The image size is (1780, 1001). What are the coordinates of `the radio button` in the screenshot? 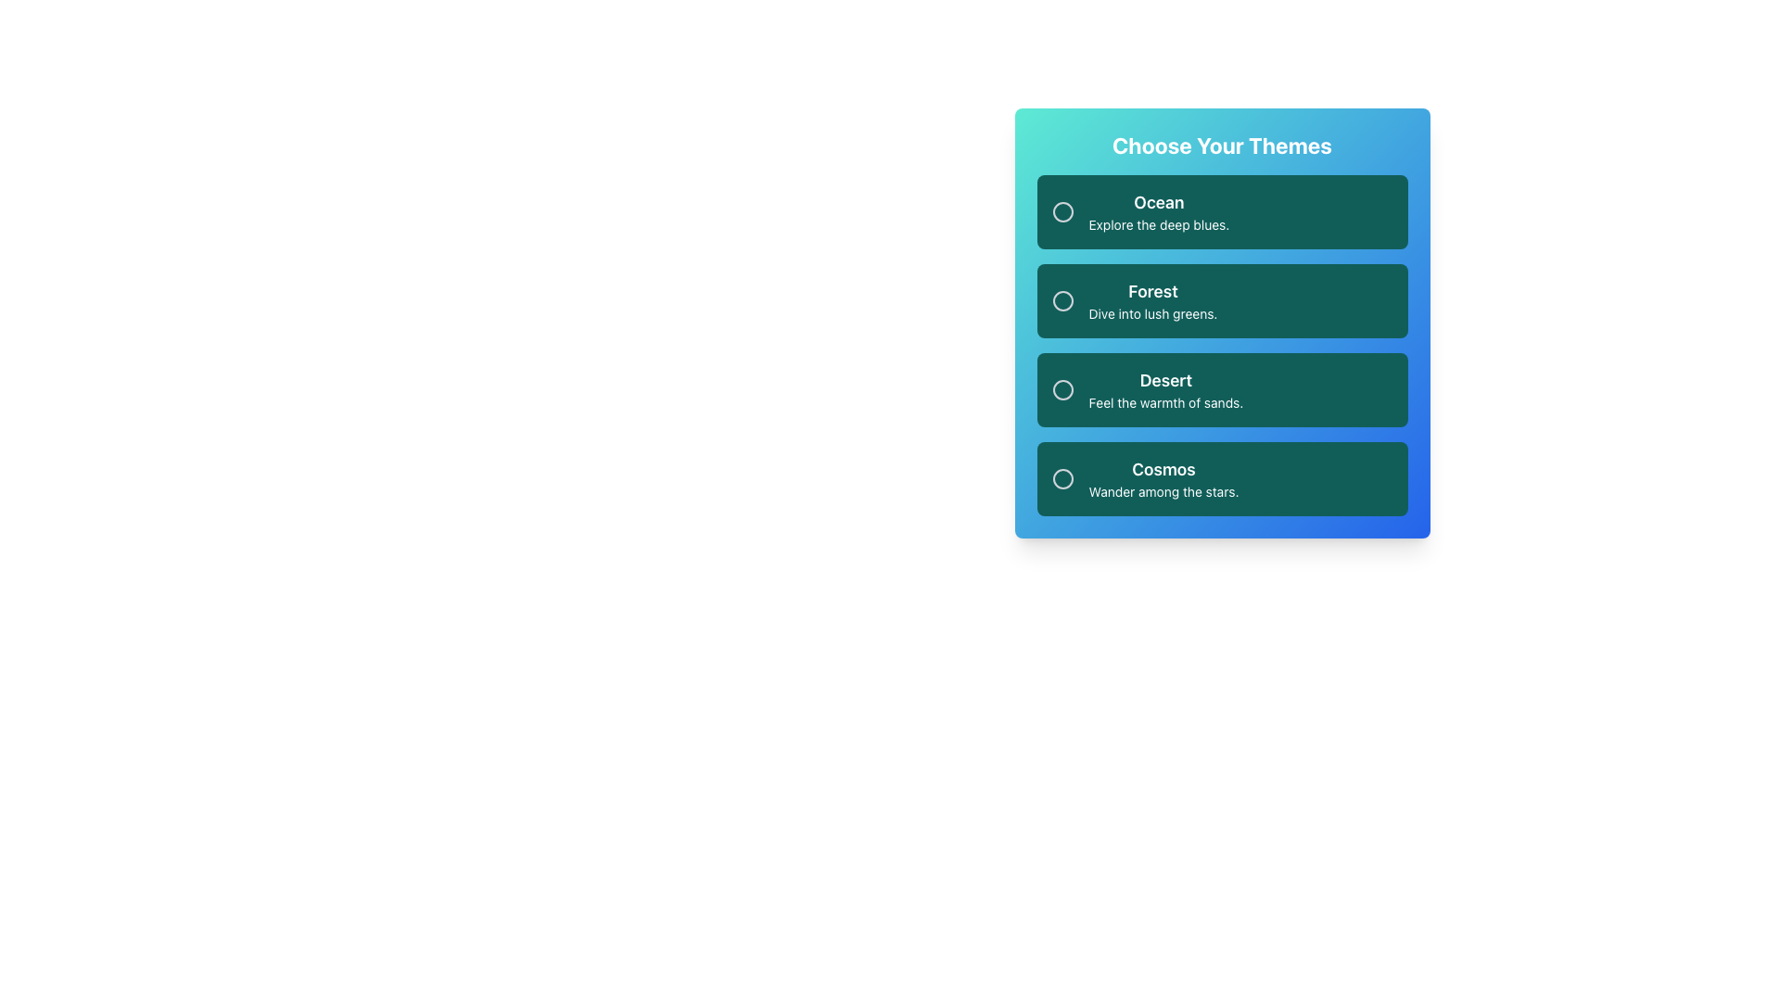 It's located at (1062, 477).